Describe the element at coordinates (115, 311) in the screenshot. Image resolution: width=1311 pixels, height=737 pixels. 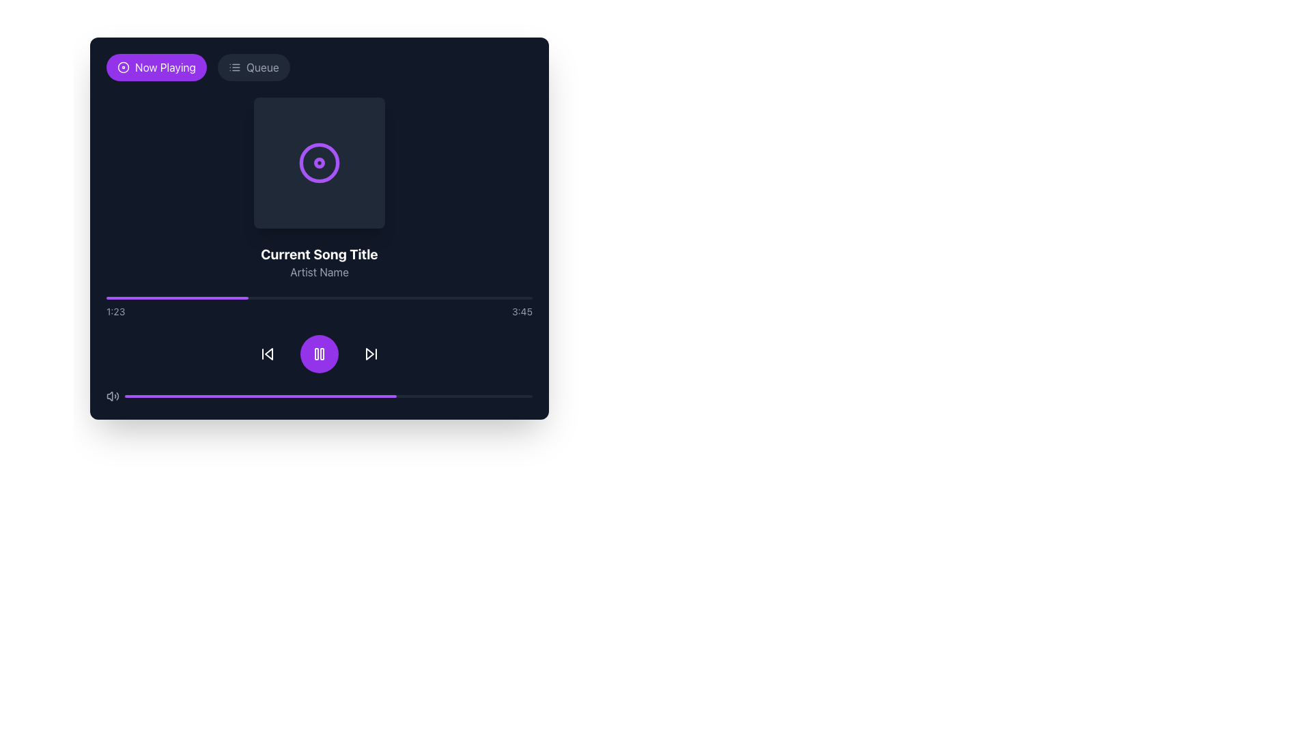
I see `the light gray text label displaying '1:23', located at the left edge of the progress bar in the media player interface` at that location.